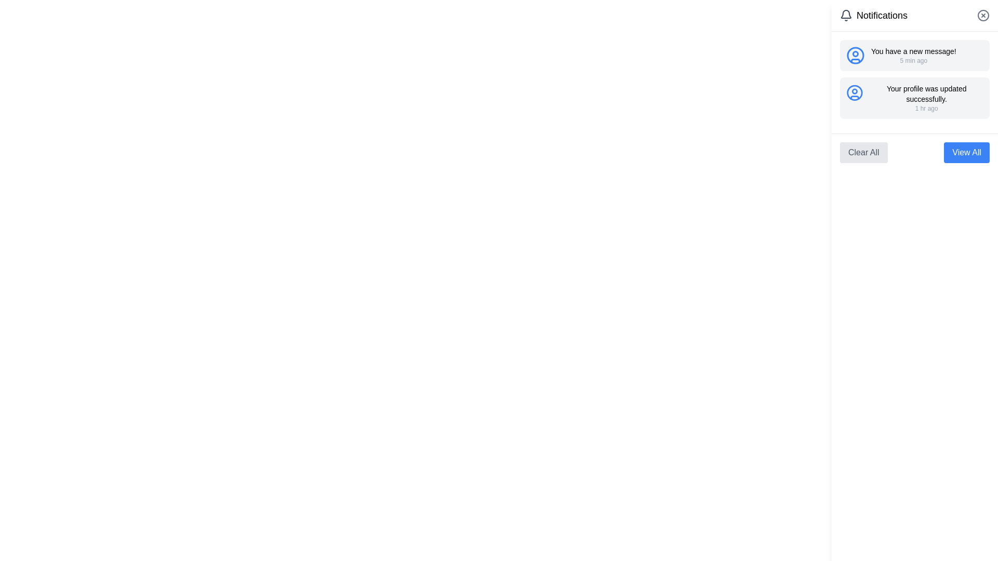 The image size is (998, 561). What do you see at coordinates (855, 92) in the screenshot?
I see `the first circular outline of the second notification item in the right-side panel, which indicates user-related notifications and is located below the text 'Your profile was updated successfully.'` at bounding box center [855, 92].